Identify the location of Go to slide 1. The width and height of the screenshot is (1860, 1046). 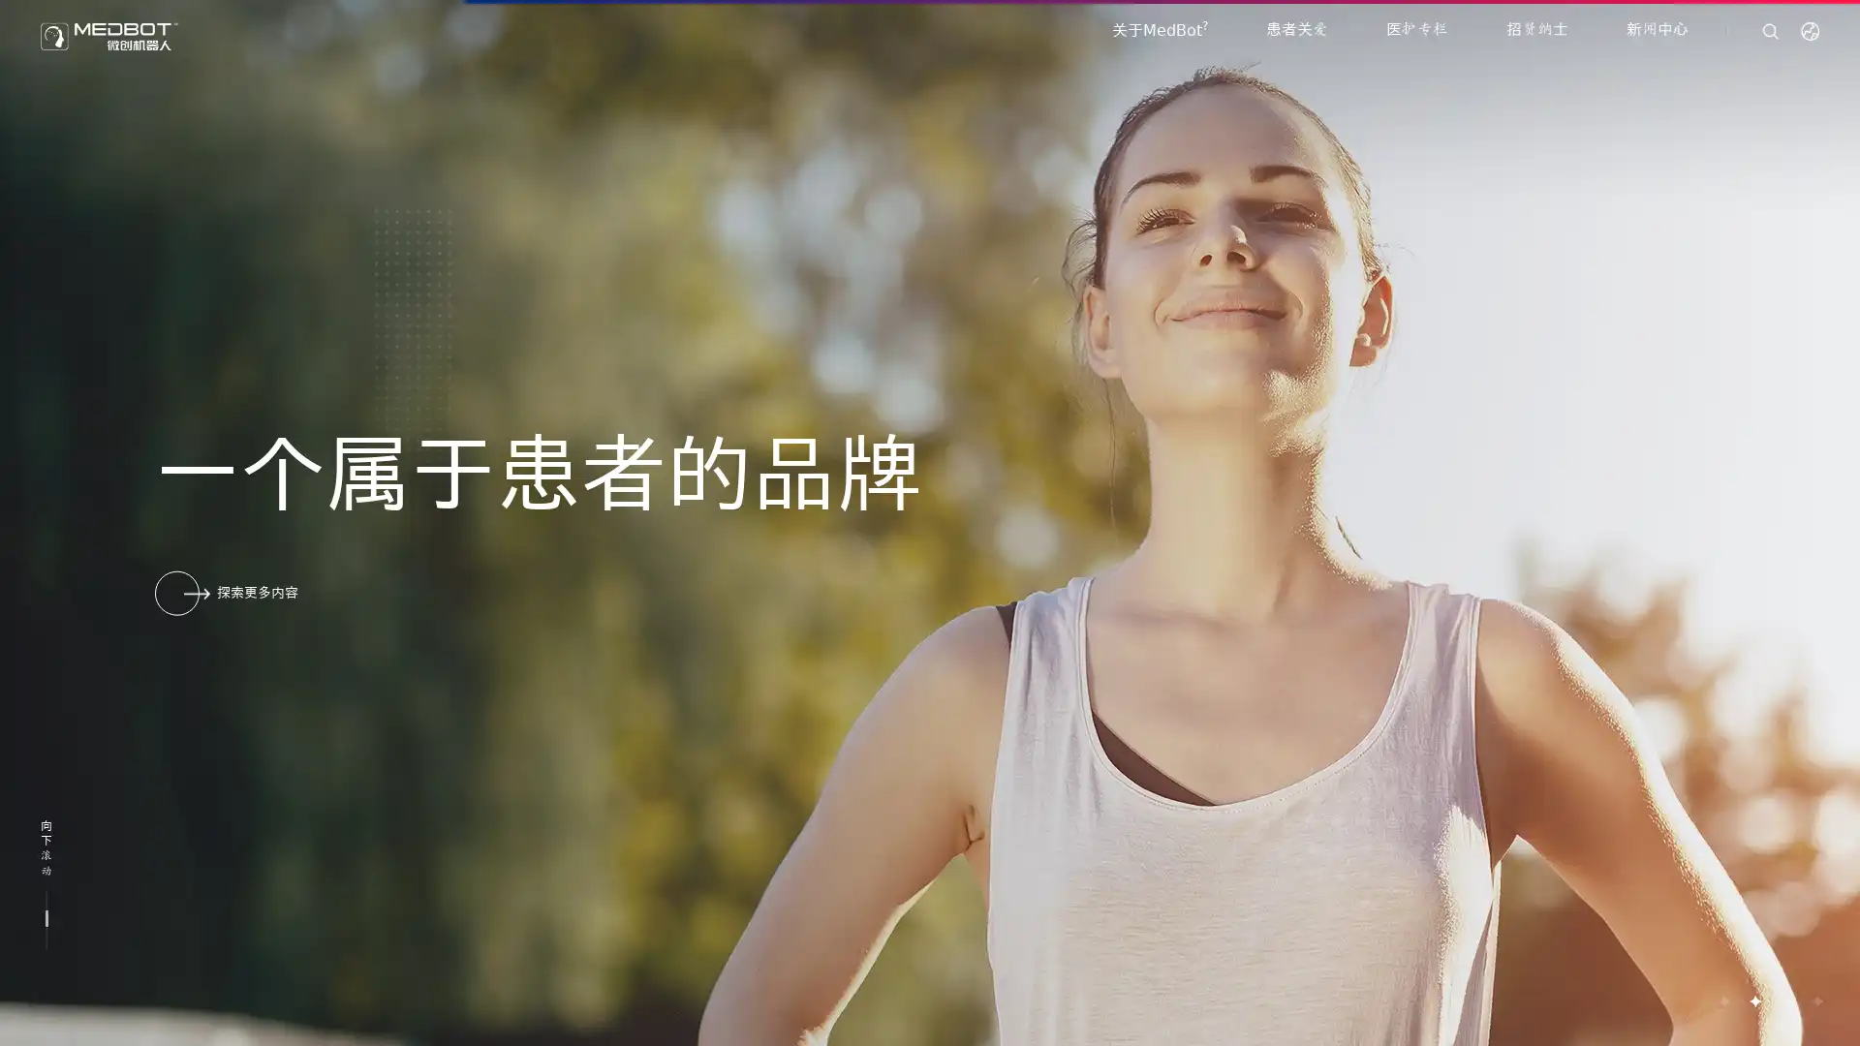
(1723, 1000).